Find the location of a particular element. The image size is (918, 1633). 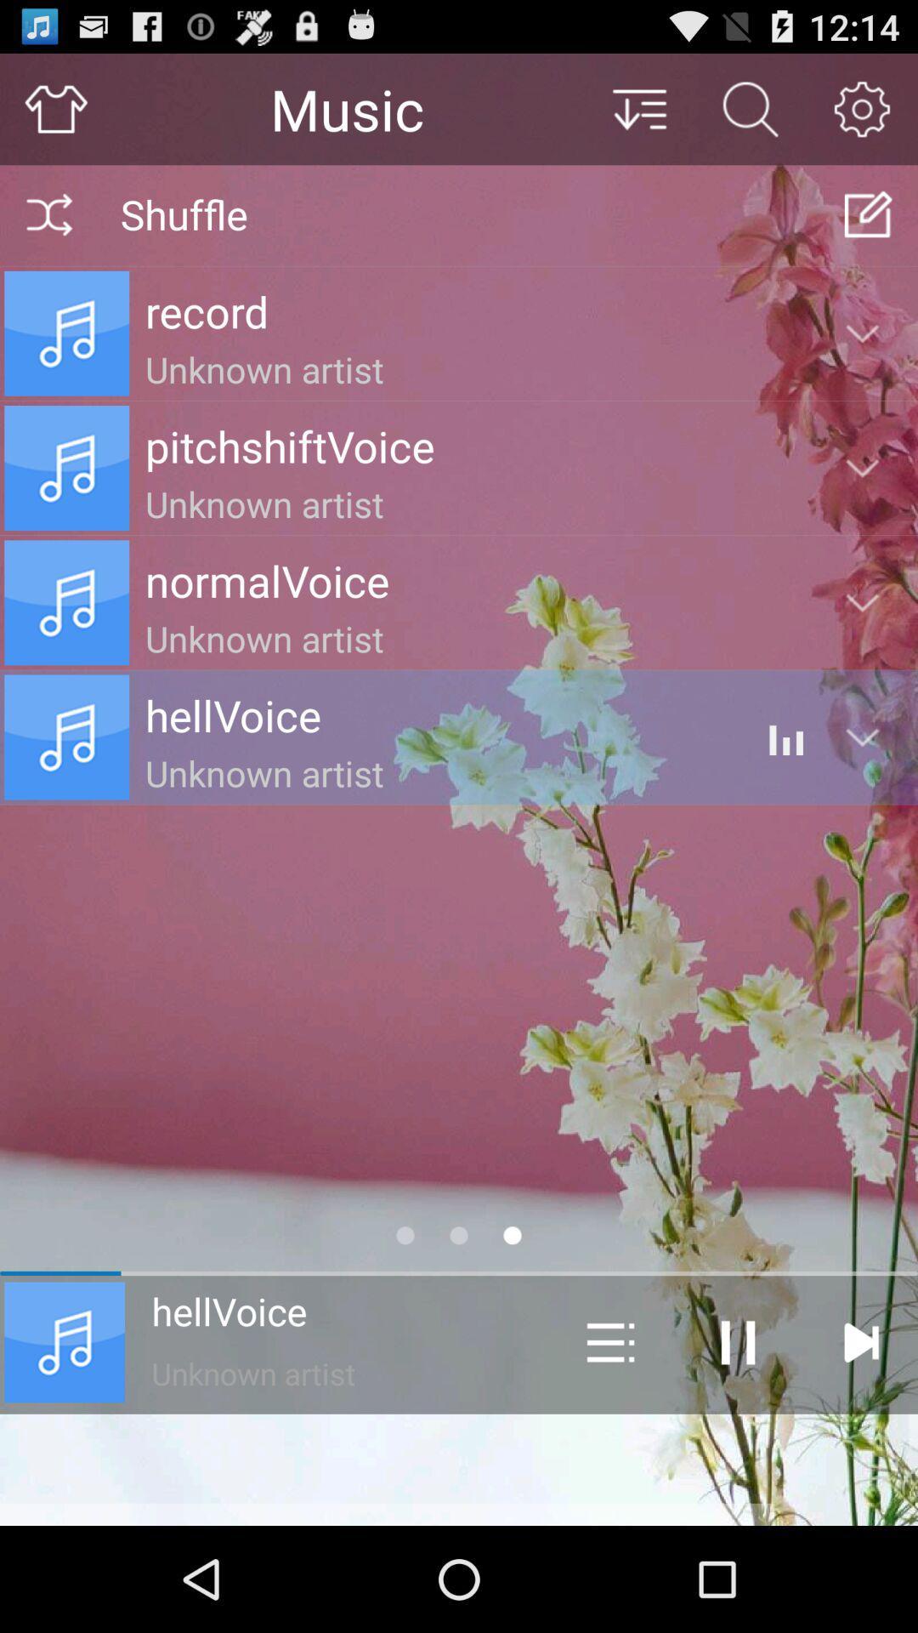

the skip_next icon is located at coordinates (860, 1436).